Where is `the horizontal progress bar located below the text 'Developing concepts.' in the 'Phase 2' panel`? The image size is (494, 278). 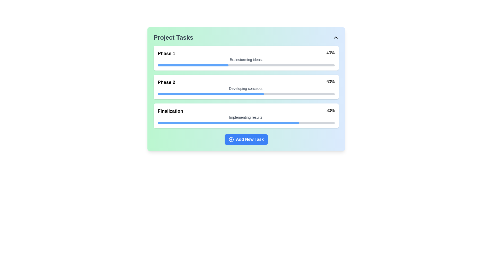
the horizontal progress bar located below the text 'Developing concepts.' in the 'Phase 2' panel is located at coordinates (246, 94).